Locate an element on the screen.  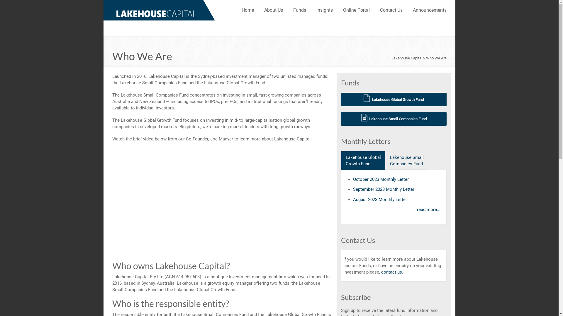
'Funds' is located at coordinates (300, 10).